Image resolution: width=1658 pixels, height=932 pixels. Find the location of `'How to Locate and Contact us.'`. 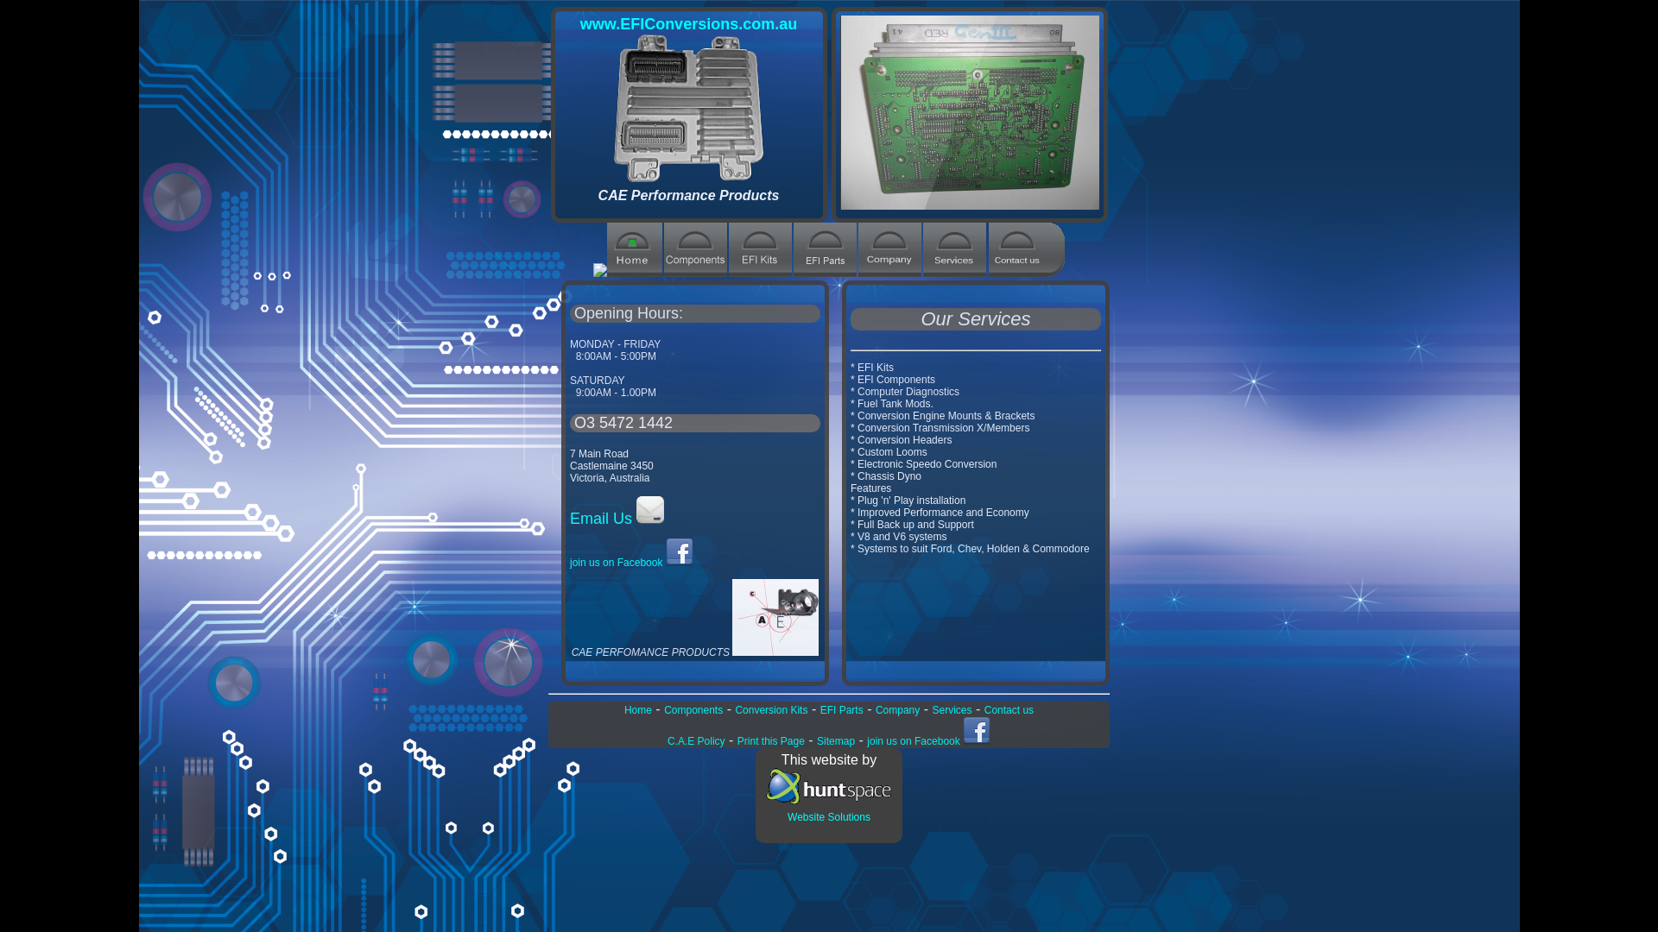

'How to Locate and Contact us.' is located at coordinates (989, 272).